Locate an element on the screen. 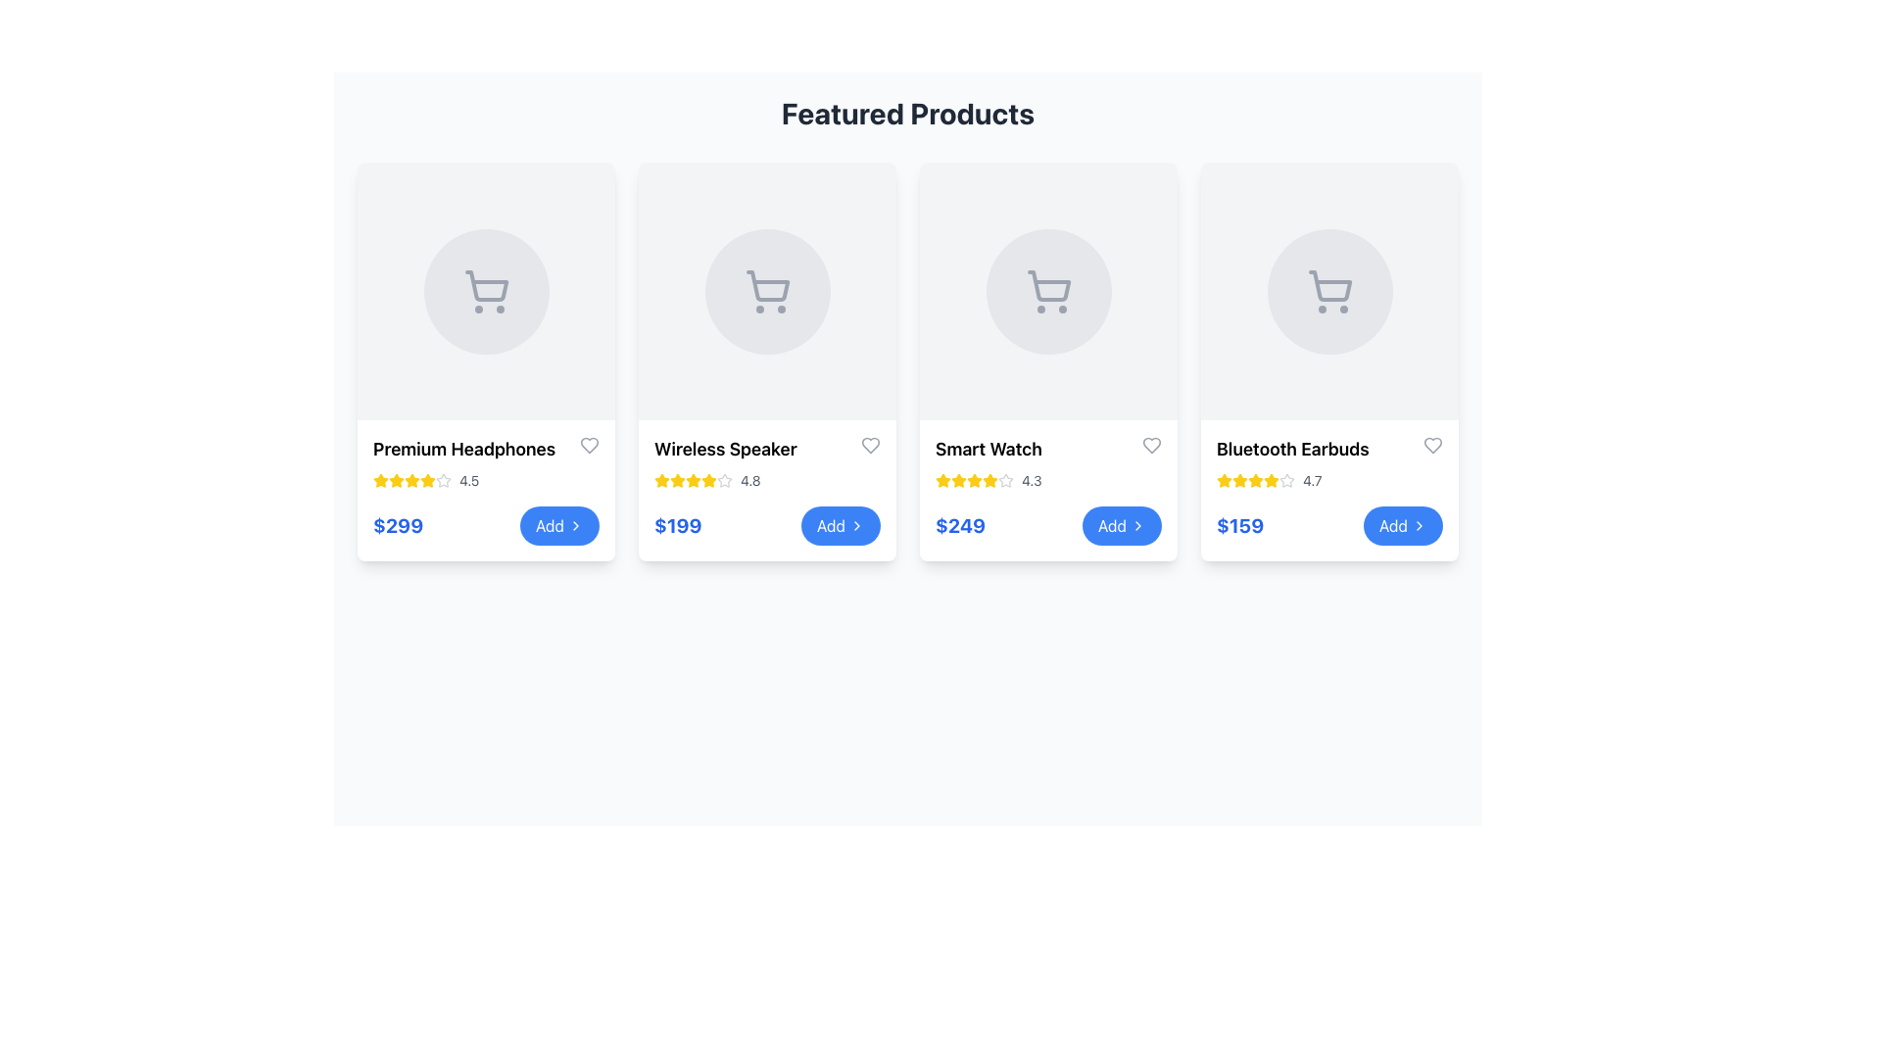 This screenshot has height=1058, width=1881. the header text labeled 'Featured Products', which is prominently displayed at the top of the product section is located at coordinates (906, 113).